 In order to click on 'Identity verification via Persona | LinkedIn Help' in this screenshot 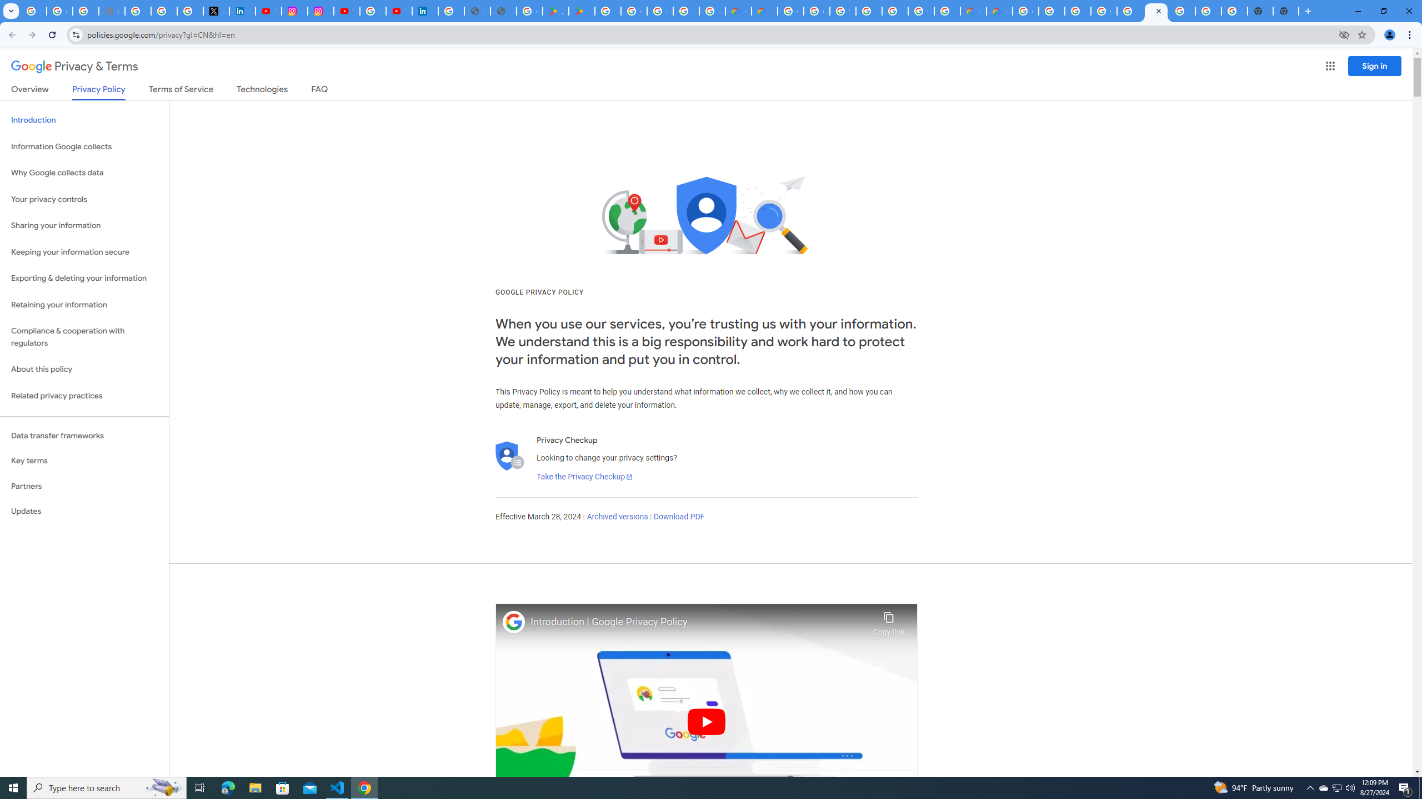, I will do `click(425, 11)`.